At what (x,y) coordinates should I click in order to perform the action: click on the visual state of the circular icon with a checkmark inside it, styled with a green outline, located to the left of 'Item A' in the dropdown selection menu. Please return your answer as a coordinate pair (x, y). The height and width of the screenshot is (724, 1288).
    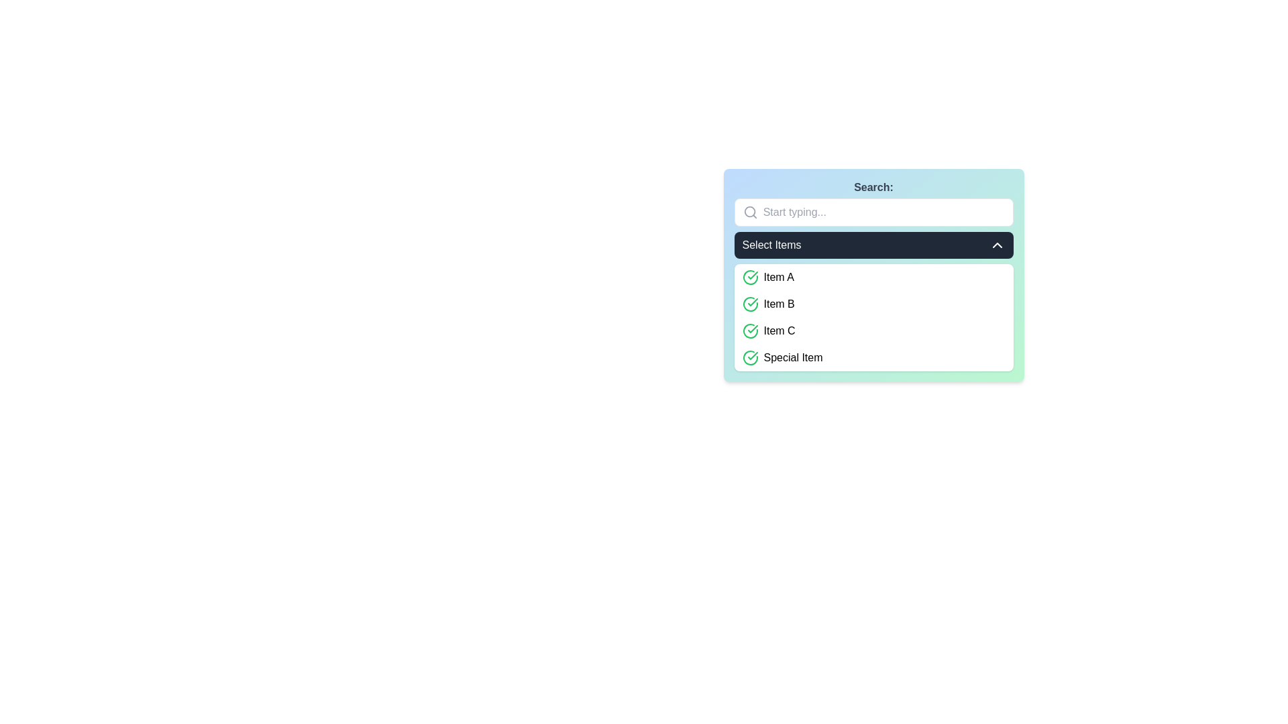
    Looking at the image, I should click on (749, 276).